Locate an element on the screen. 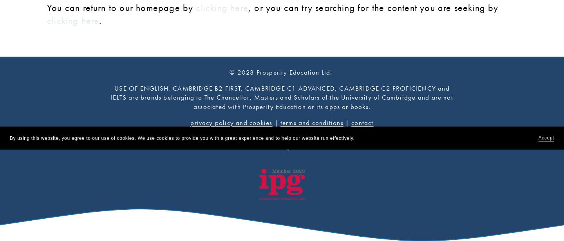  'Blog' is located at coordinates (282, 135).